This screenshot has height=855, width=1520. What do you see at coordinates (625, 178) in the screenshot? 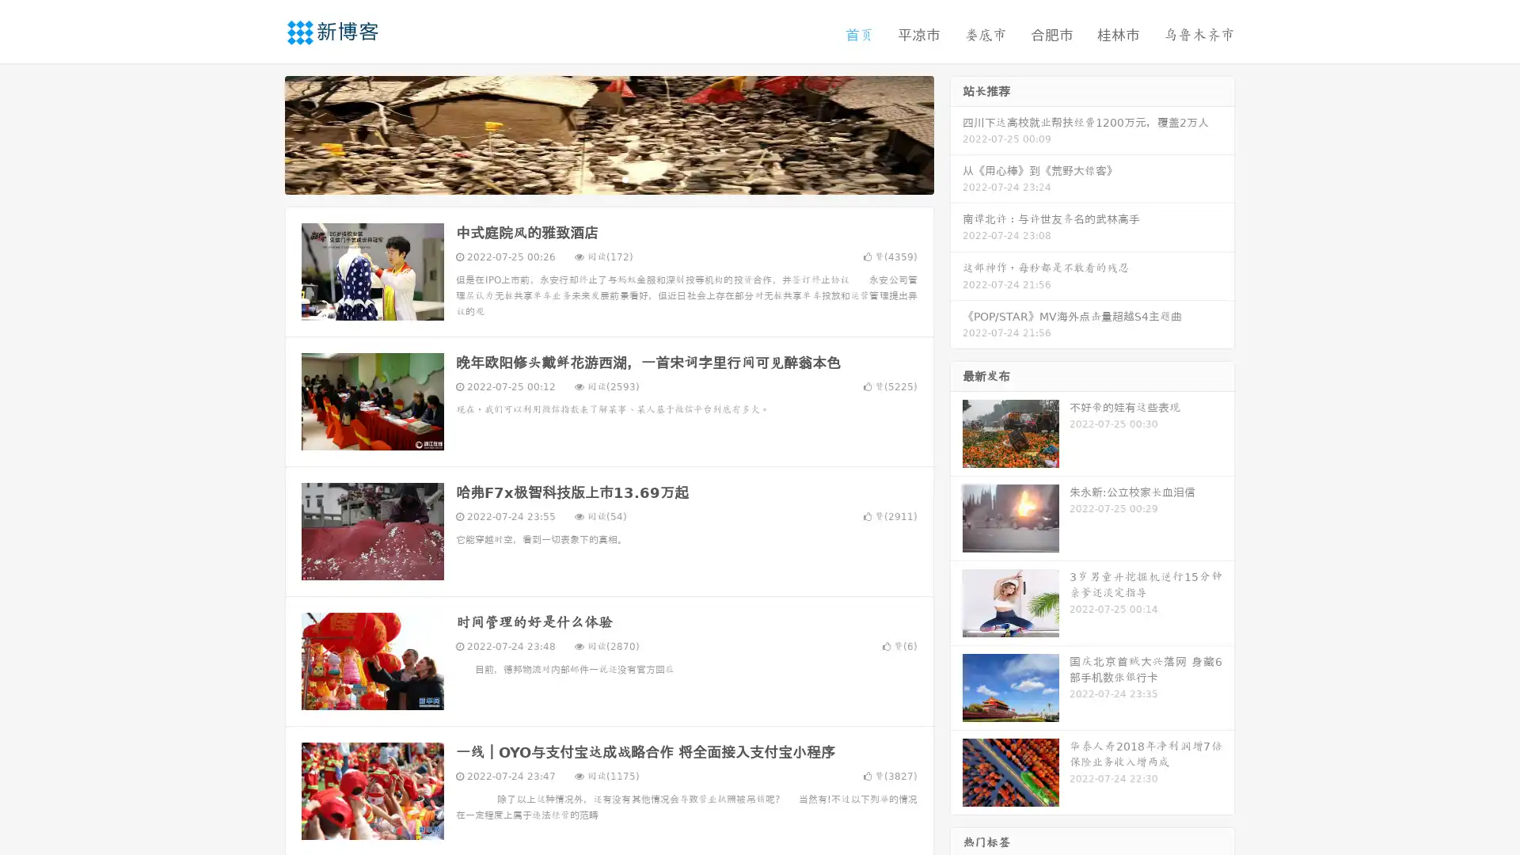
I see `Go to slide 3` at bounding box center [625, 178].